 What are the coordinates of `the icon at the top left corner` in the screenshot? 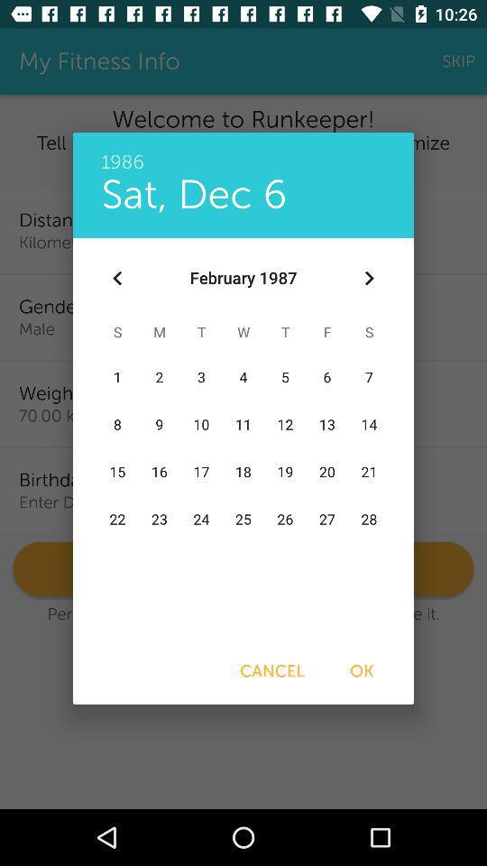 It's located at (117, 278).